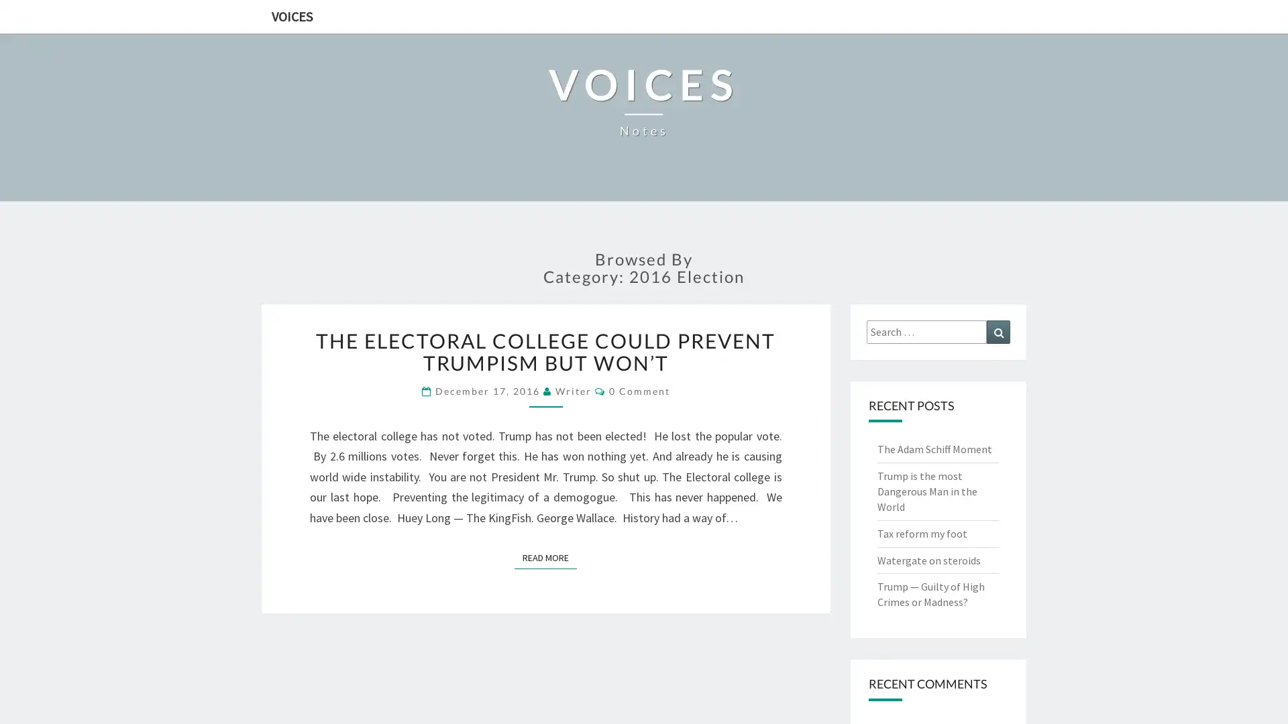 The width and height of the screenshot is (1288, 724). Describe the element at coordinates (998, 331) in the screenshot. I see `Search` at that location.